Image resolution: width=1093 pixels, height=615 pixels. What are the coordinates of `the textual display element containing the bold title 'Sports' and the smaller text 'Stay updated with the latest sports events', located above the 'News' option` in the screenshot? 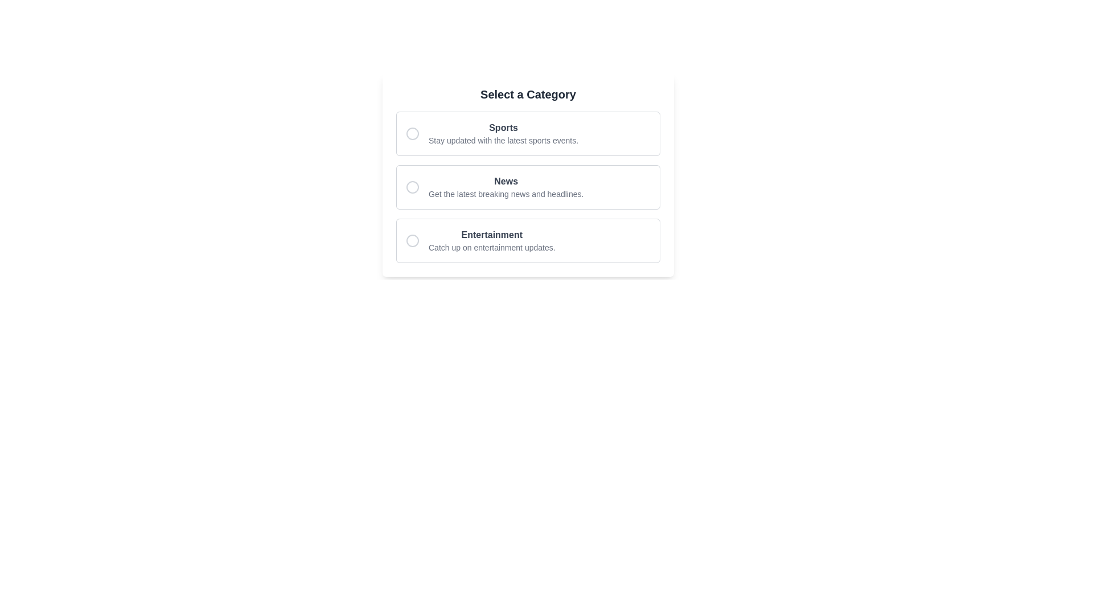 It's located at (503, 133).